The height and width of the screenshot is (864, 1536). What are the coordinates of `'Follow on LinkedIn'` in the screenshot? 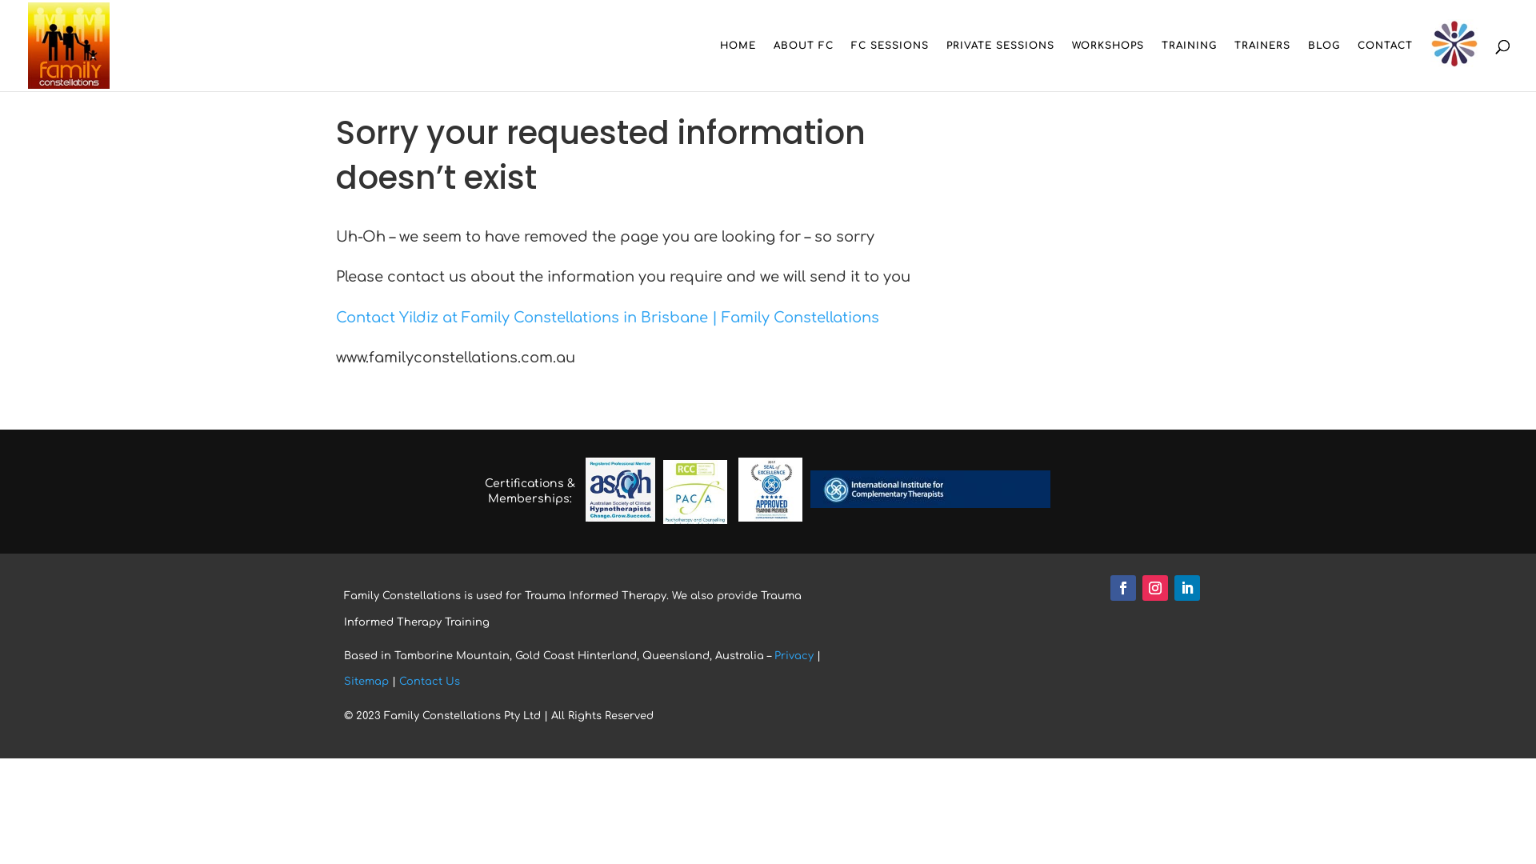 It's located at (1186, 588).